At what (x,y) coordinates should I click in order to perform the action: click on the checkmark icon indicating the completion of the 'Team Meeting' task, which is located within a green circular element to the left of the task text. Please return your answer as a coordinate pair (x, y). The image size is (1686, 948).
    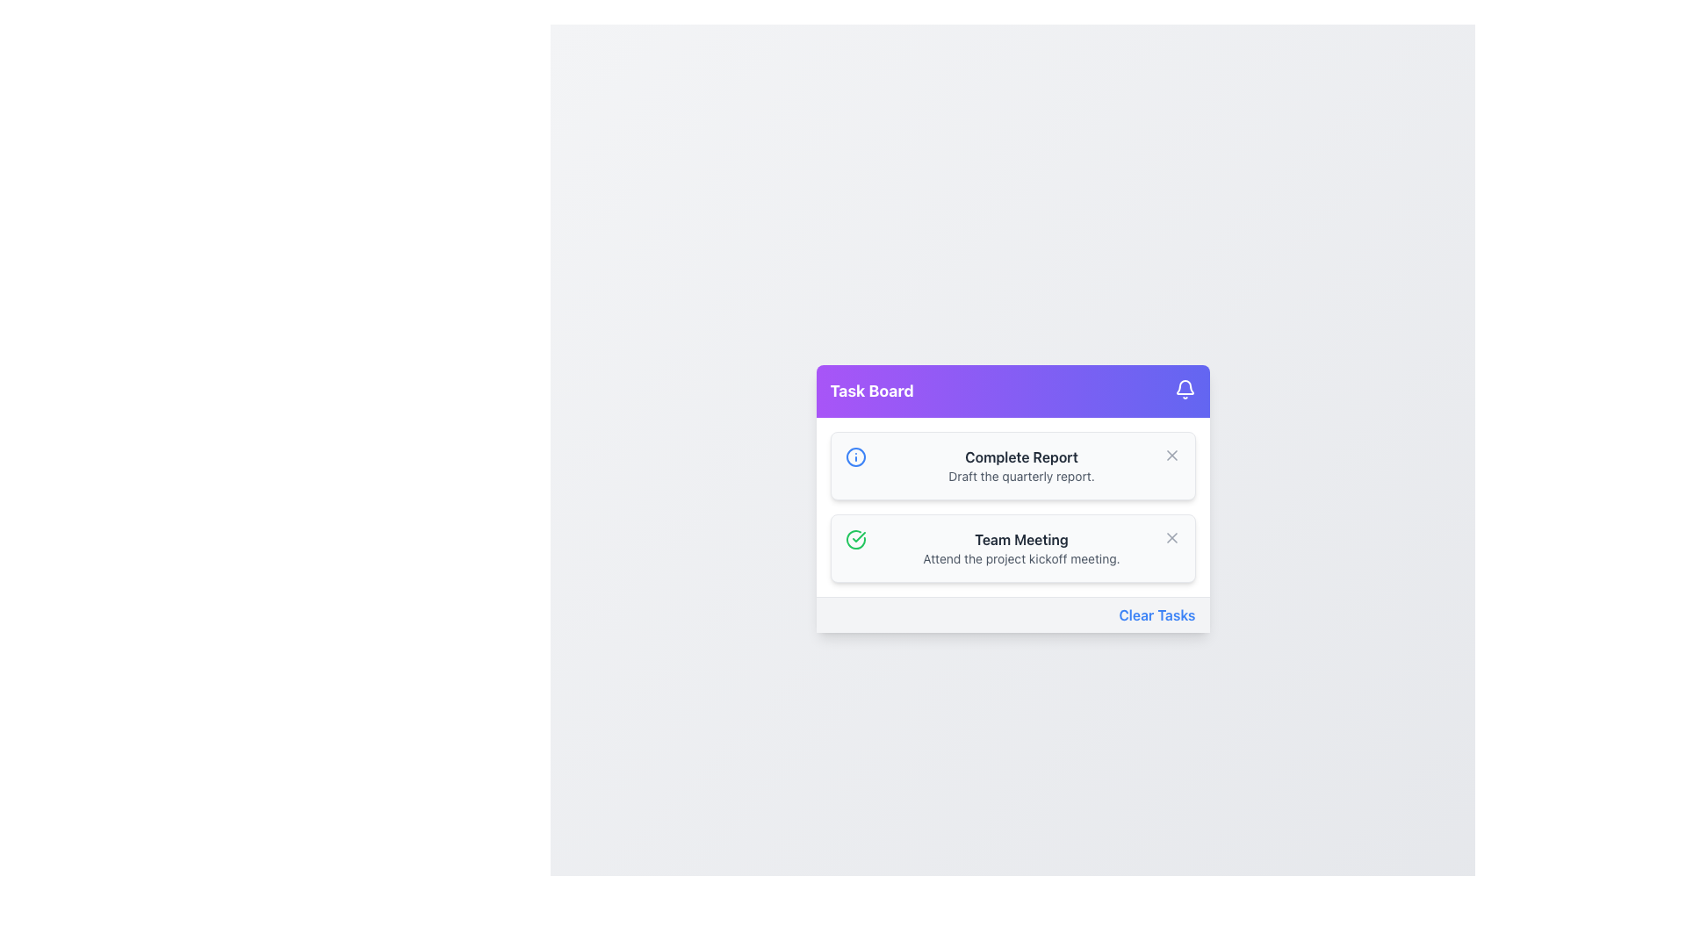
    Looking at the image, I should click on (859, 535).